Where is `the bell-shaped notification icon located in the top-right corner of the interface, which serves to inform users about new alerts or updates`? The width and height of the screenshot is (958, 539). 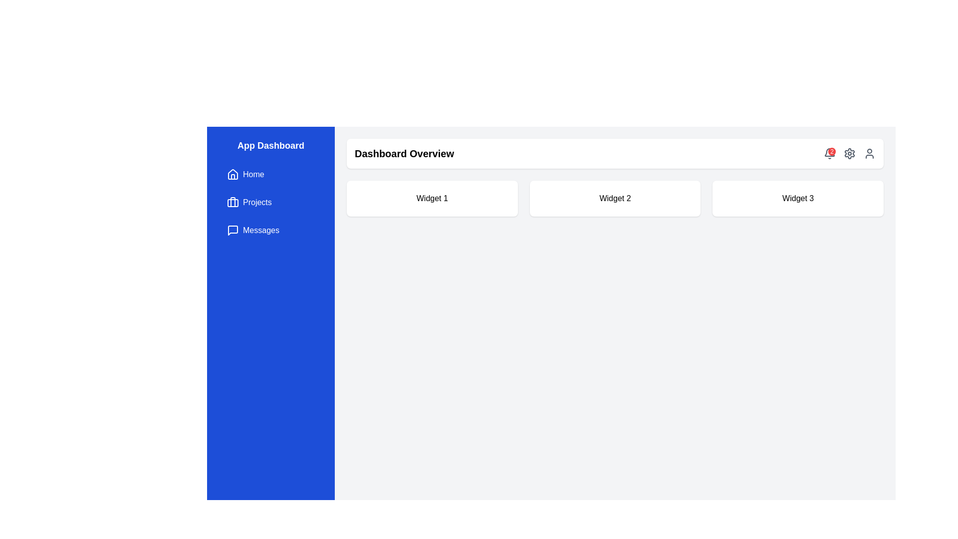
the bell-shaped notification icon located in the top-right corner of the interface, which serves to inform users about new alerts or updates is located at coordinates (829, 152).